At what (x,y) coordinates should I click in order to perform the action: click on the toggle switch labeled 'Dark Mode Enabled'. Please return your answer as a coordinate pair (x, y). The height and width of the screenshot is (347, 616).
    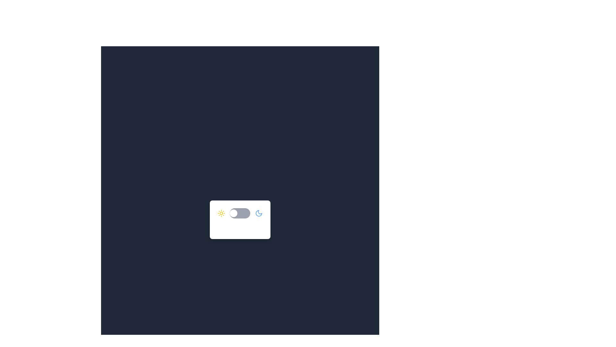
    Looking at the image, I should click on (240, 219).